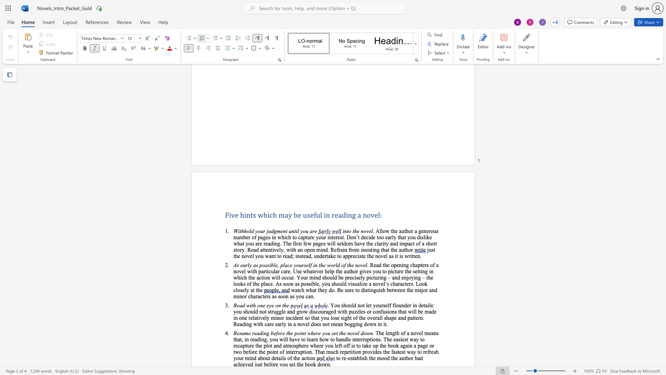 The image size is (666, 375). I want to click on the space between the continuous character "c" and "h" in the text, so click(273, 215).